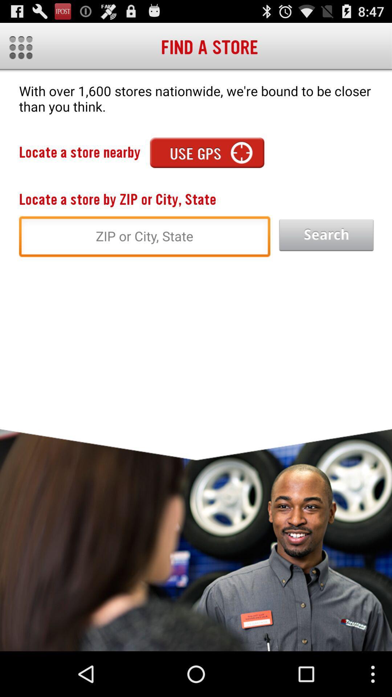  Describe the element at coordinates (207, 152) in the screenshot. I see `icon below with over 1` at that location.